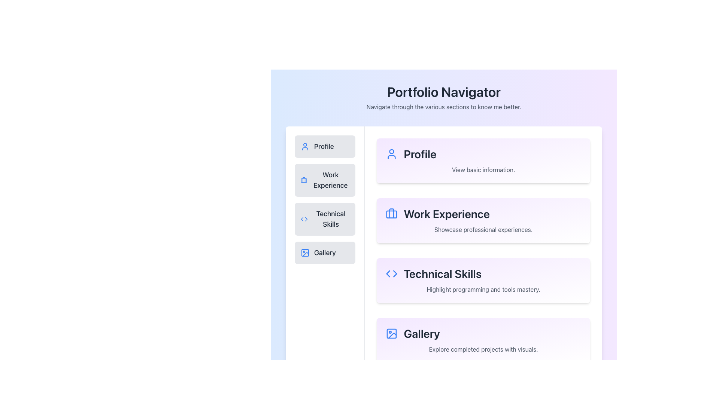 Image resolution: width=719 pixels, height=404 pixels. Describe the element at coordinates (444, 92) in the screenshot. I see `the primary header located at the top of the page, which serves as the title for the section, providing context for the content below it` at that location.